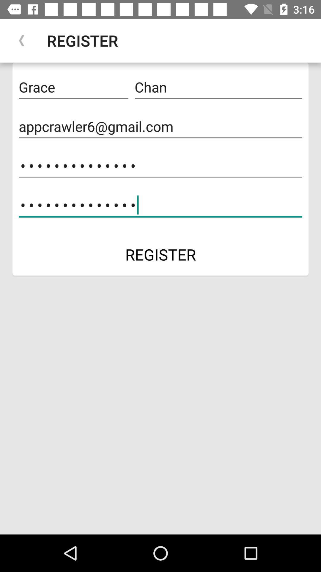 The width and height of the screenshot is (321, 572). What do you see at coordinates (218, 87) in the screenshot?
I see `the icon to the right of the grace` at bounding box center [218, 87].